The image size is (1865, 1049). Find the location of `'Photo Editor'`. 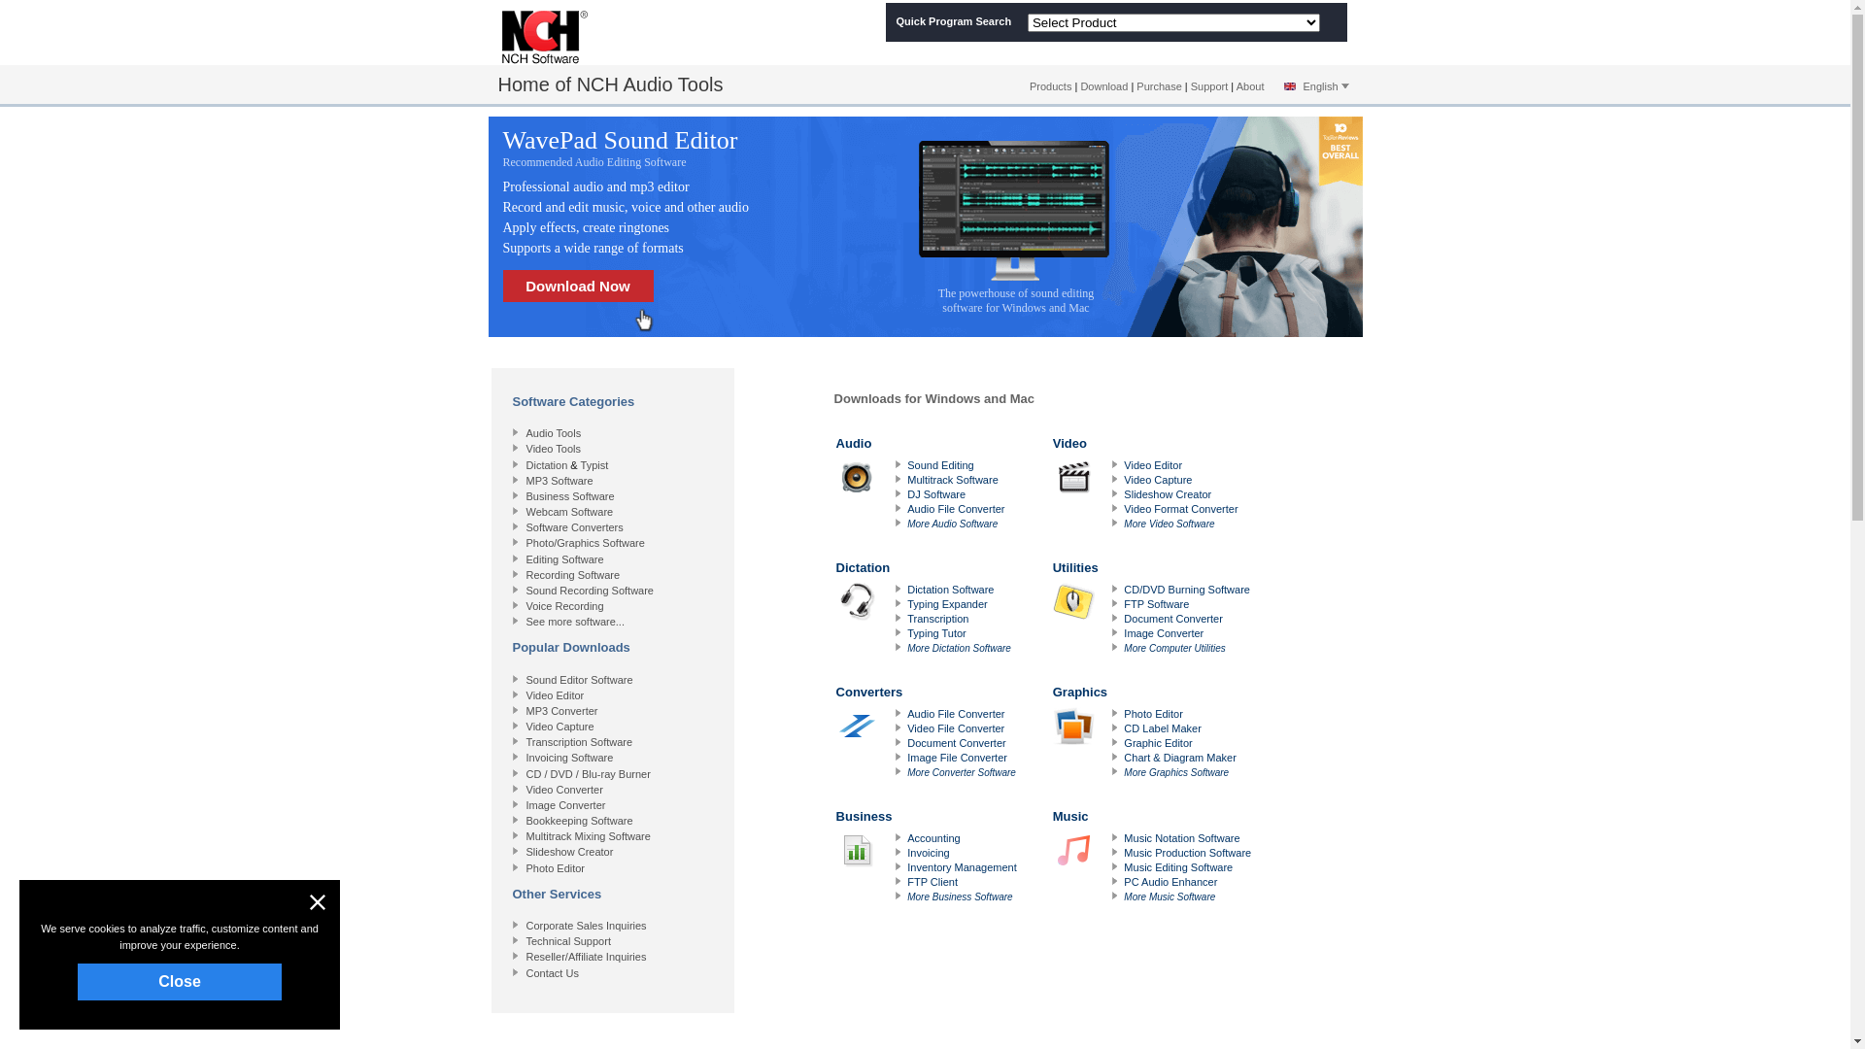

'Photo Editor' is located at coordinates (555, 867).